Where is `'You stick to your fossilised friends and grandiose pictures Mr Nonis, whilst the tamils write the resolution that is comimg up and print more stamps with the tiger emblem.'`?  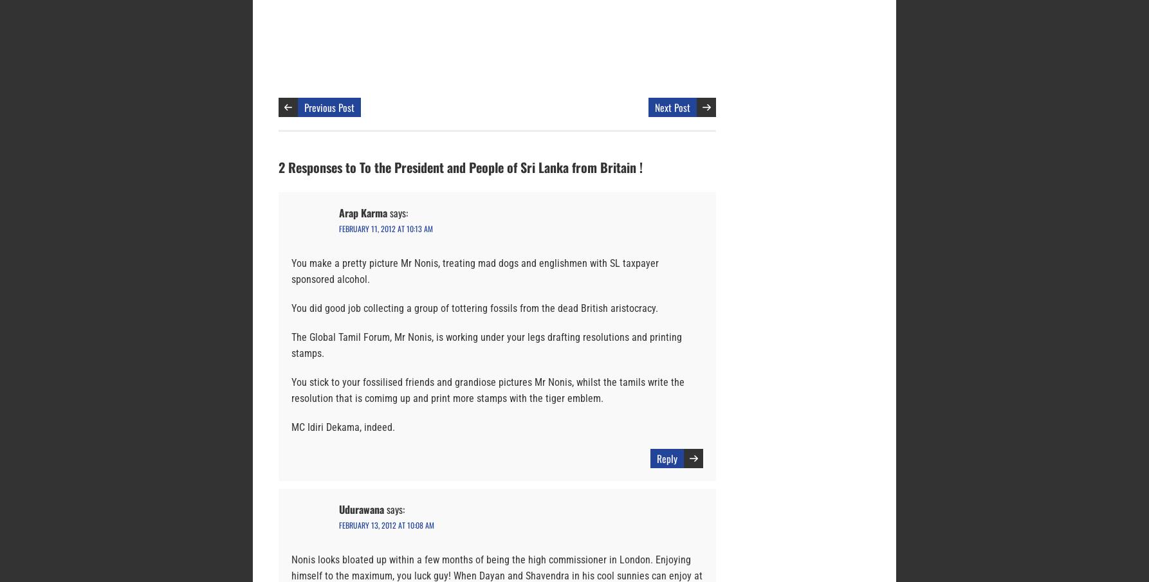 'You stick to your fossilised friends and grandiose pictures Mr Nonis, whilst the tamils write the resolution that is comimg up and print more stamps with the tiger emblem.' is located at coordinates (487, 390).